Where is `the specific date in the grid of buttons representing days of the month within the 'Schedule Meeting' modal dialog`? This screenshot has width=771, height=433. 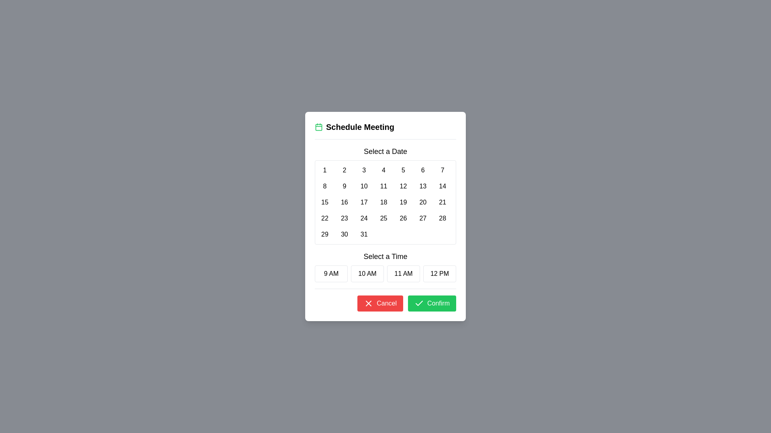 the specific date in the grid of buttons representing days of the month within the 'Schedule Meeting' modal dialog is located at coordinates (385, 195).